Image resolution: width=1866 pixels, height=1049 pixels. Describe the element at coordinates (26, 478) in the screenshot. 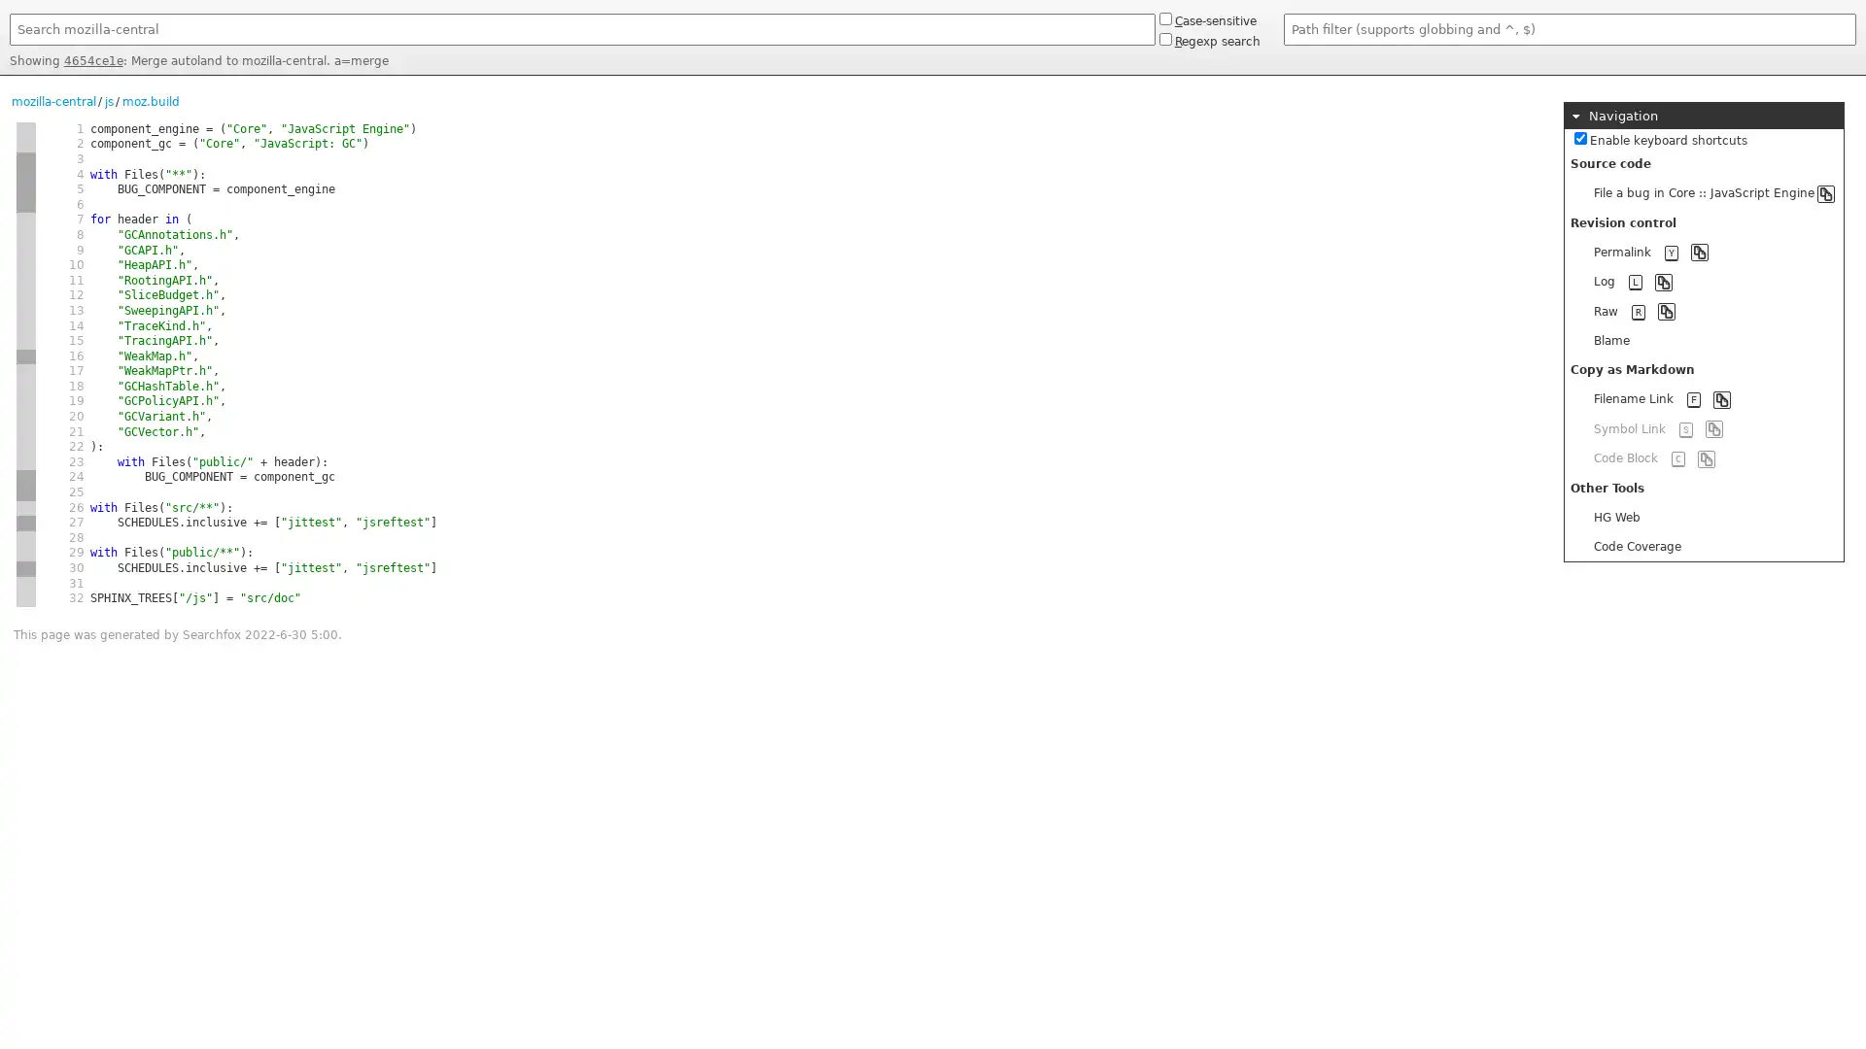

I see `new hash 2` at that location.